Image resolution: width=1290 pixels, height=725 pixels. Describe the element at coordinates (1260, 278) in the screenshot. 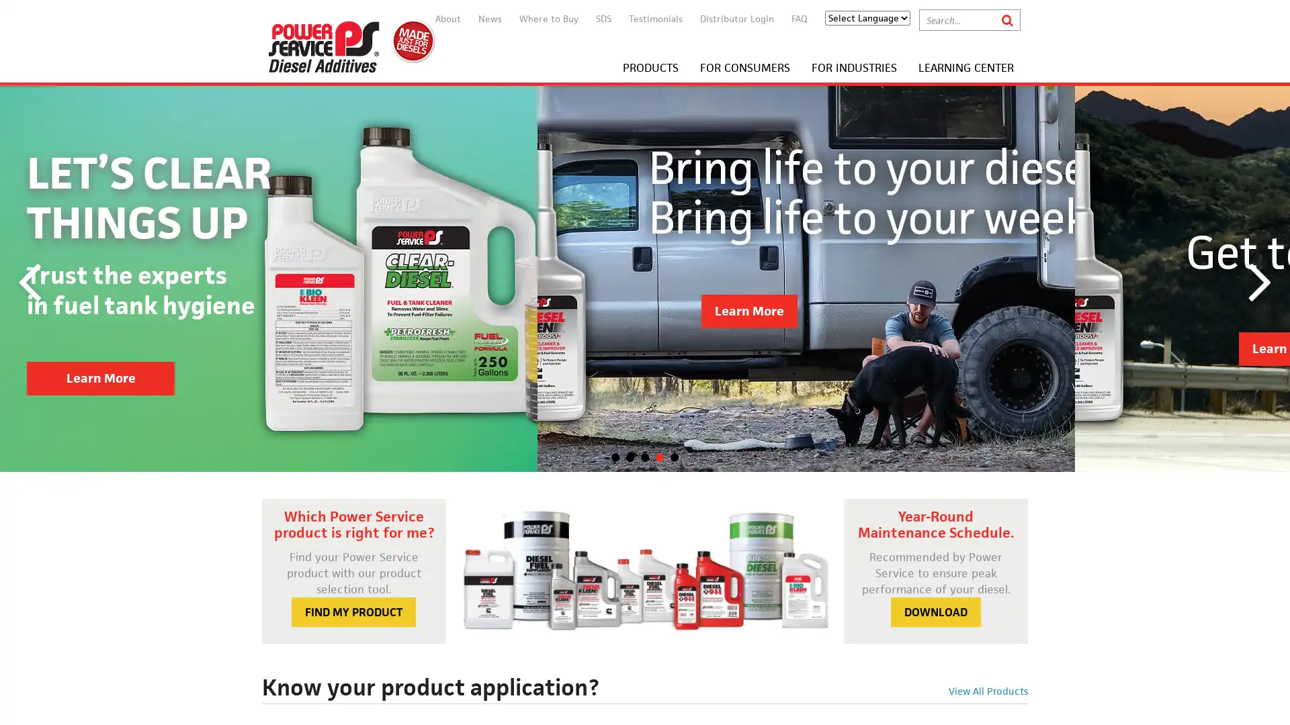

I see `Next` at that location.